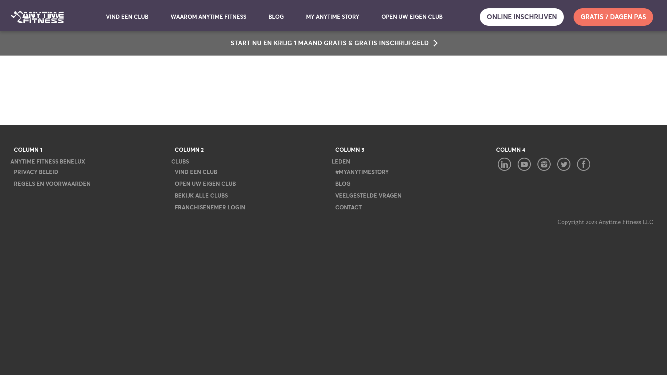 This screenshot has width=667, height=375. Describe the element at coordinates (208, 17) in the screenshot. I see `'WAAROM ANYTIME FITNESS'` at that location.